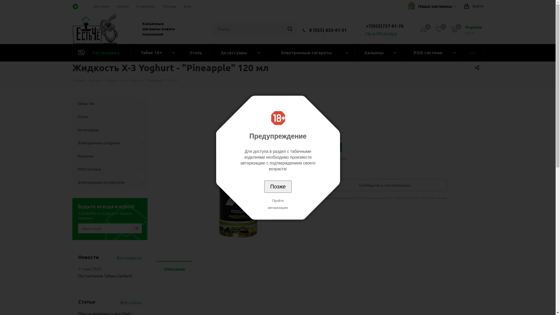 The width and height of the screenshot is (560, 315). Describe the element at coordinates (385, 25) in the screenshot. I see `'+7(925)727-81-76'` at that location.